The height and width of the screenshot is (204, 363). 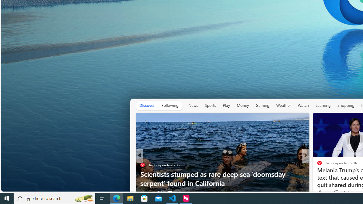 What do you see at coordinates (317, 165) in the screenshot?
I see `'Bustle'` at bounding box center [317, 165].